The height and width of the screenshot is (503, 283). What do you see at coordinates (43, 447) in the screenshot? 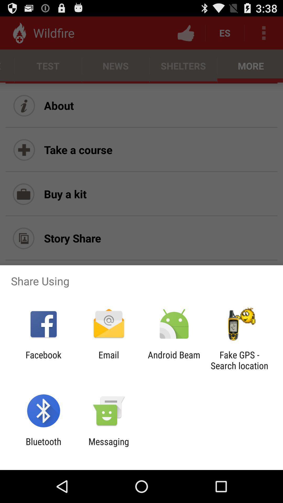
I see `the app next to the messaging item` at bounding box center [43, 447].